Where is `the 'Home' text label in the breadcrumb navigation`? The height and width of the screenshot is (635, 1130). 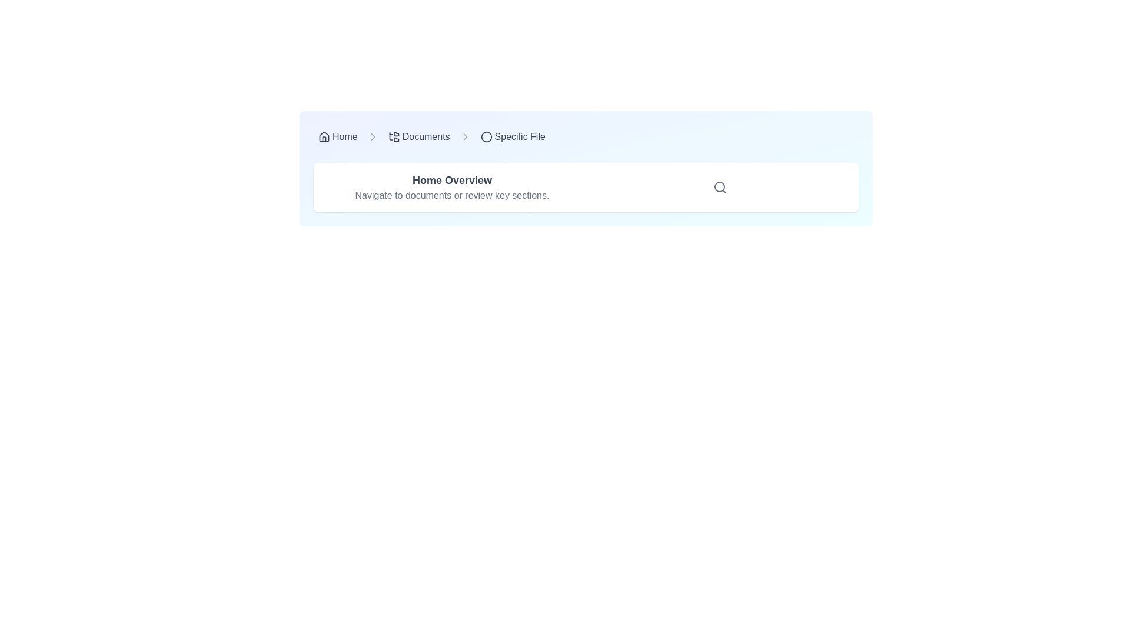
the 'Home' text label in the breadcrumb navigation is located at coordinates (344, 136).